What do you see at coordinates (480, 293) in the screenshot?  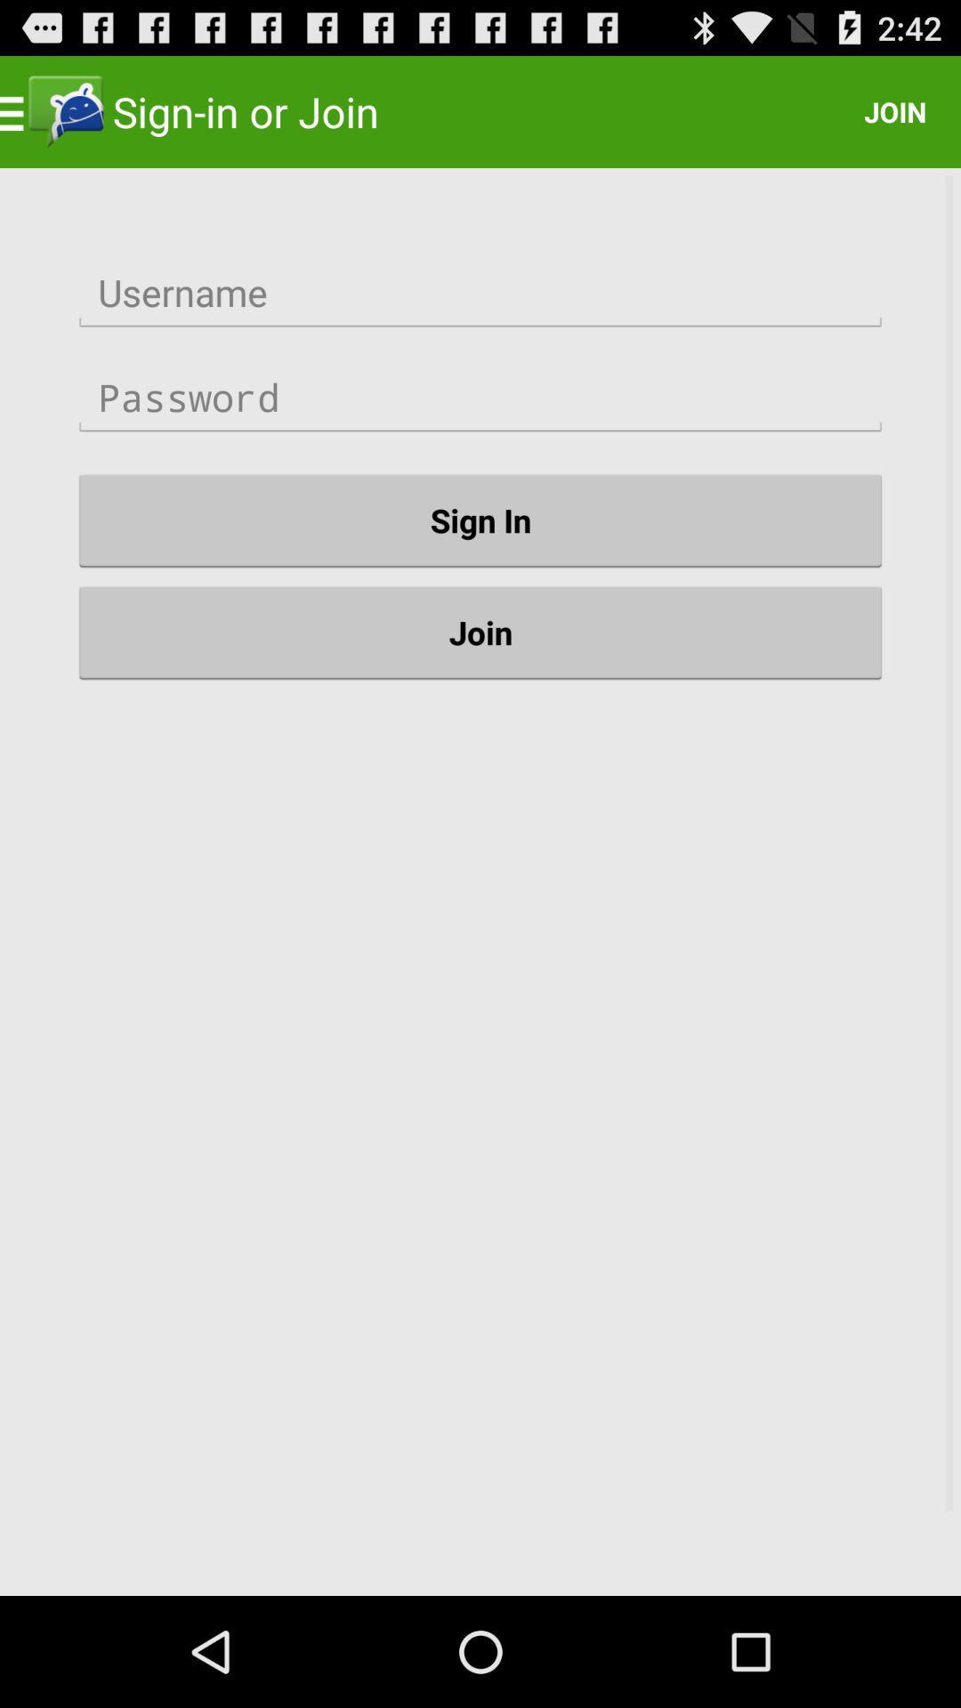 I see `username` at bounding box center [480, 293].